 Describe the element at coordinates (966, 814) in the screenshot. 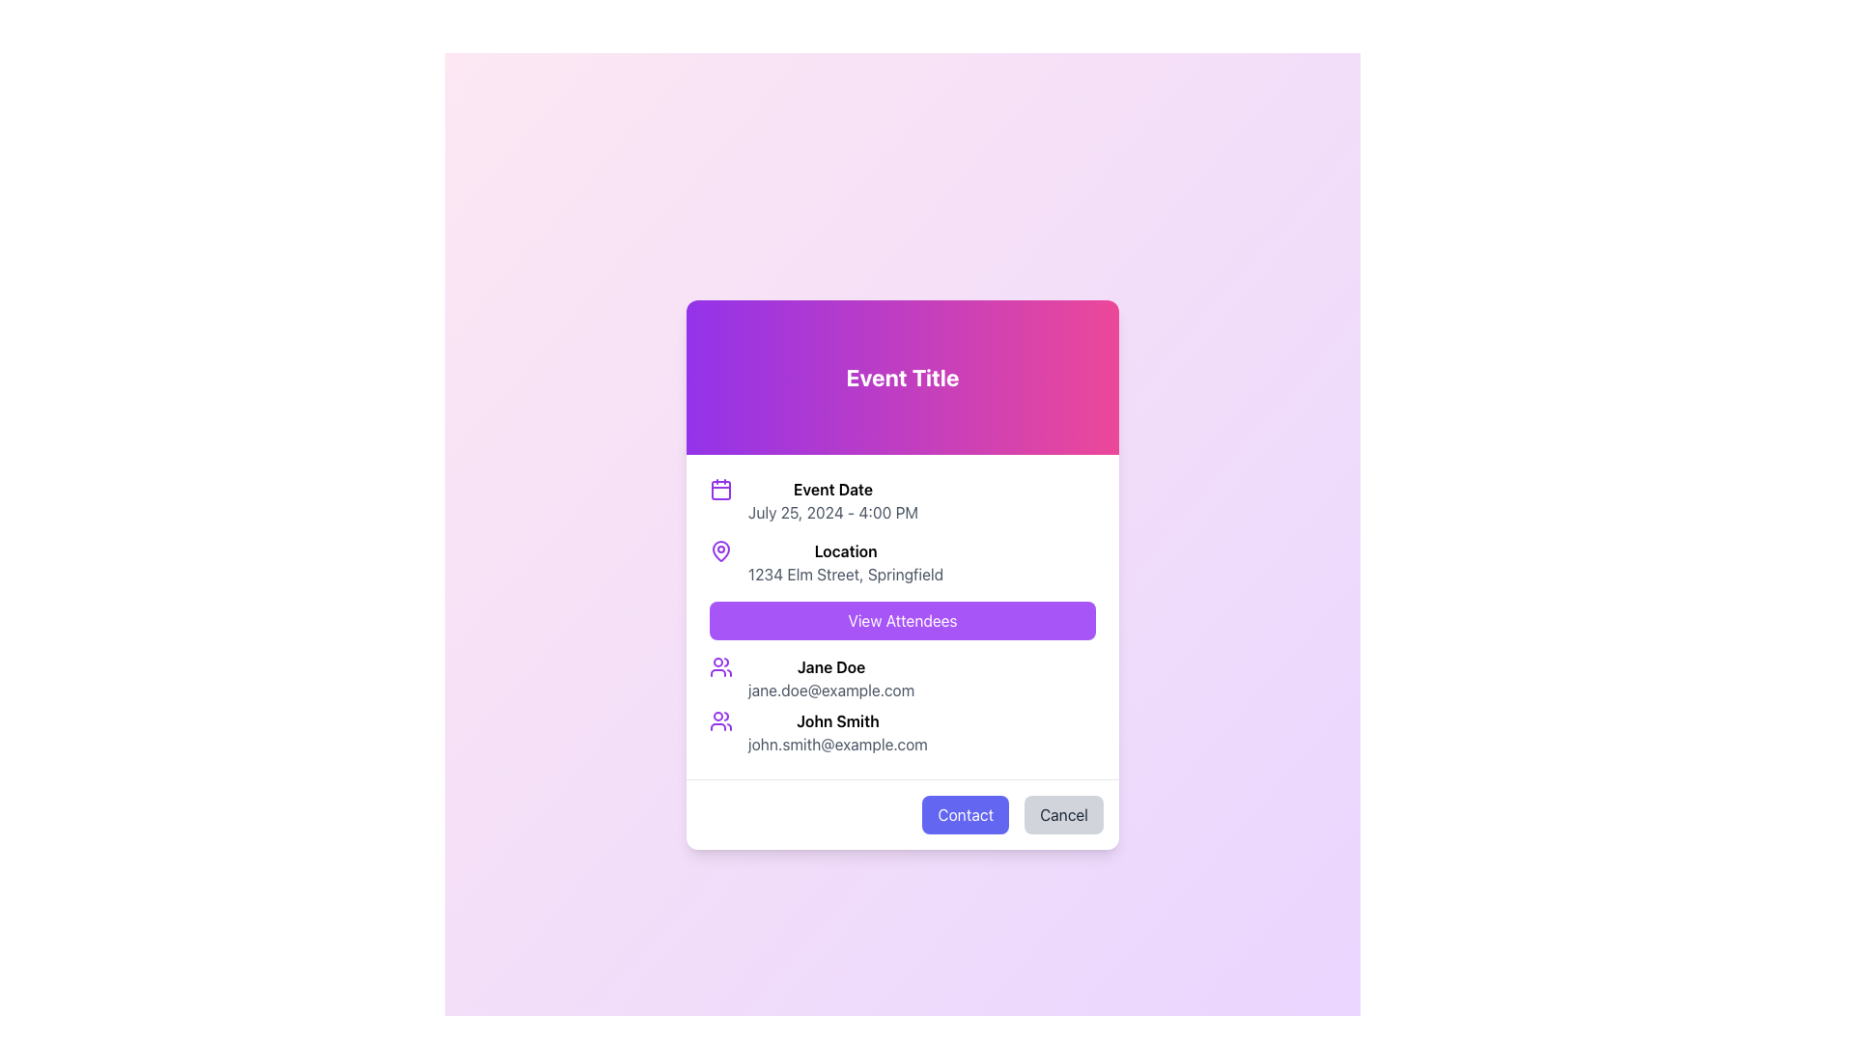

I see `the 'Contact' button with rounded edges, styled with a blue-purple background and white text, located in the footer section of the modal dialog box` at that location.